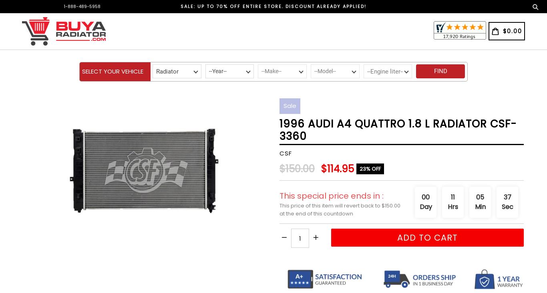 This screenshot has height=293, width=547. Describe the element at coordinates (396, 237) in the screenshot. I see `'Add to cart'` at that location.